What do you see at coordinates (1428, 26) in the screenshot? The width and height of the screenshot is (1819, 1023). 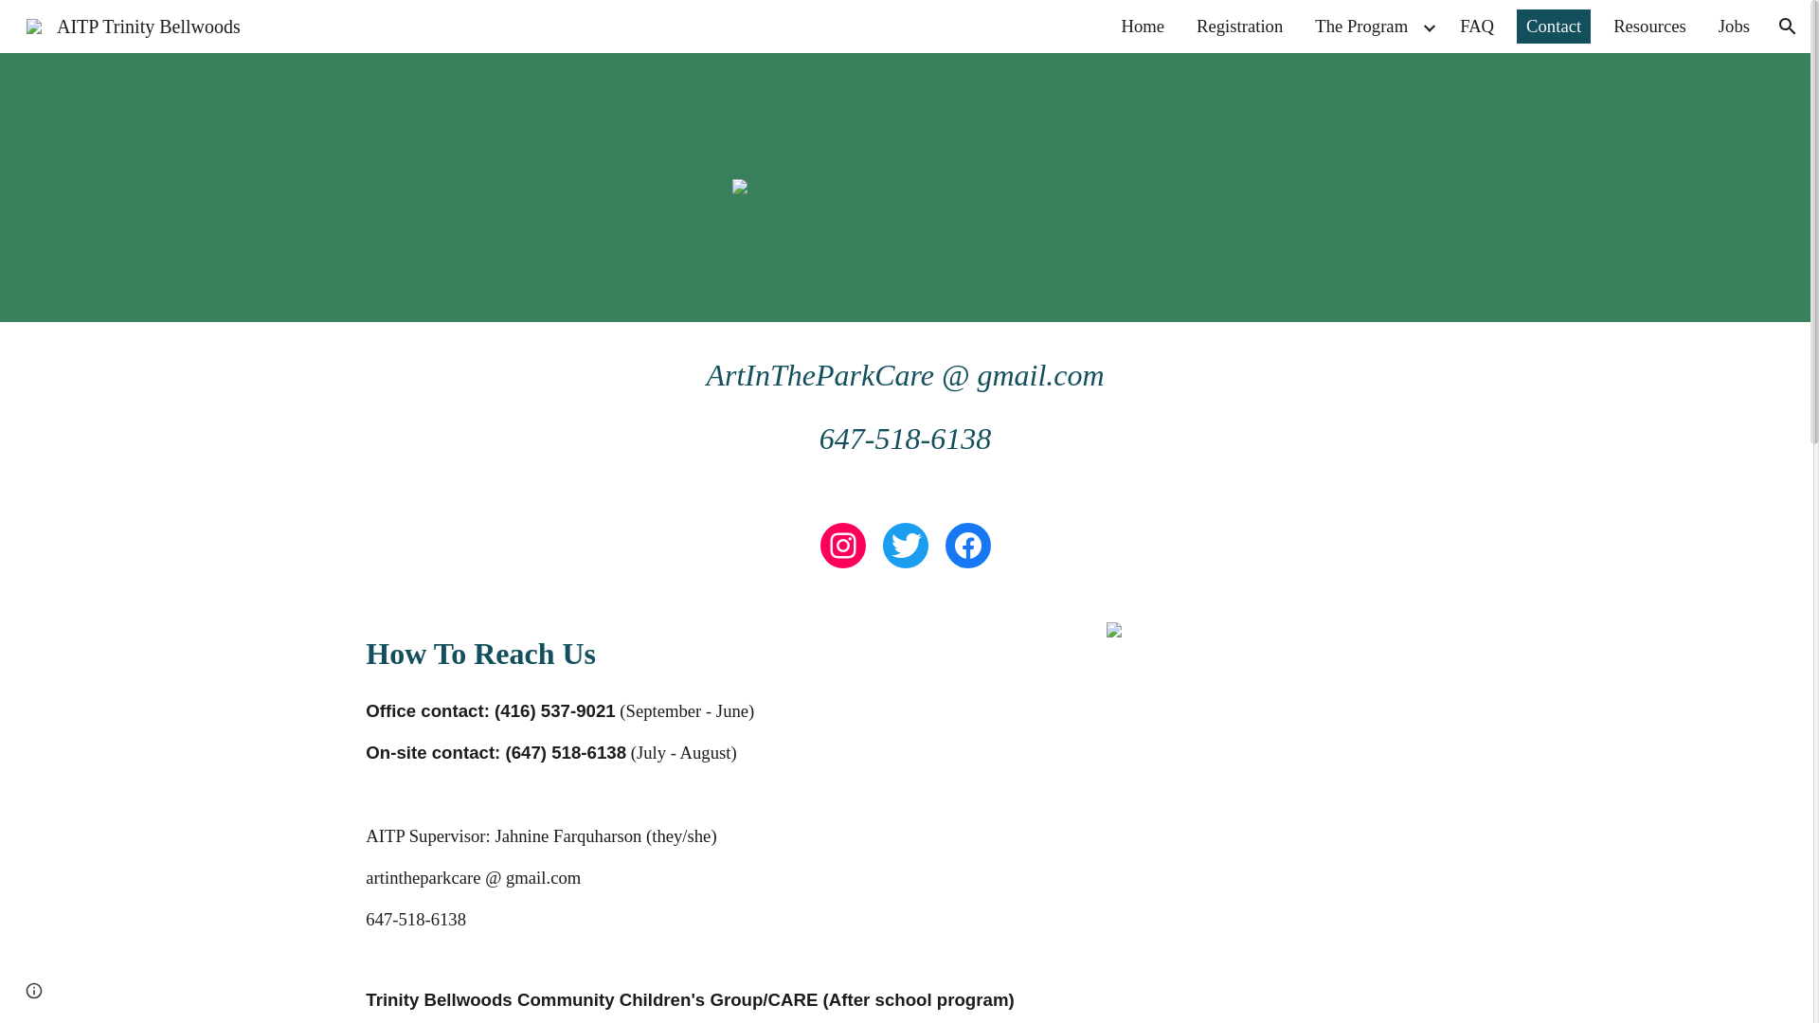 I see `'Expand/Collapse'` at bounding box center [1428, 26].